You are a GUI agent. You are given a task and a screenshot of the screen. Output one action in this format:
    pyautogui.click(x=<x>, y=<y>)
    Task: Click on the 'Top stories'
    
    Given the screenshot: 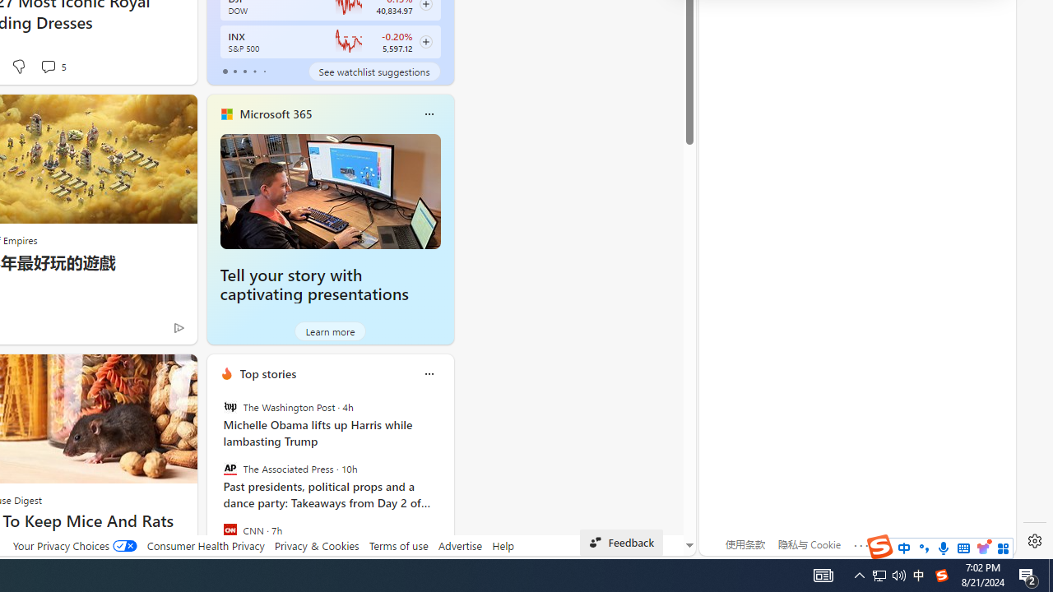 What is the action you would take?
    pyautogui.click(x=267, y=373)
    